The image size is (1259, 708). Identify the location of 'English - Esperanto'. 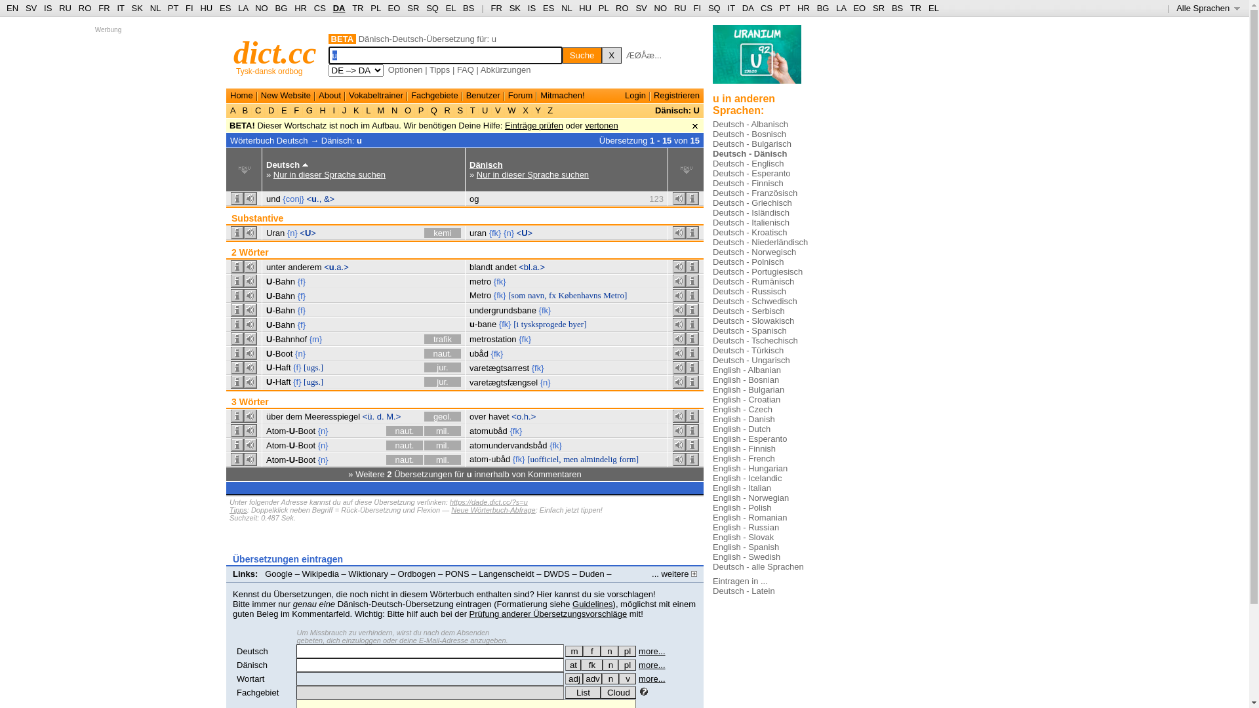
(749, 439).